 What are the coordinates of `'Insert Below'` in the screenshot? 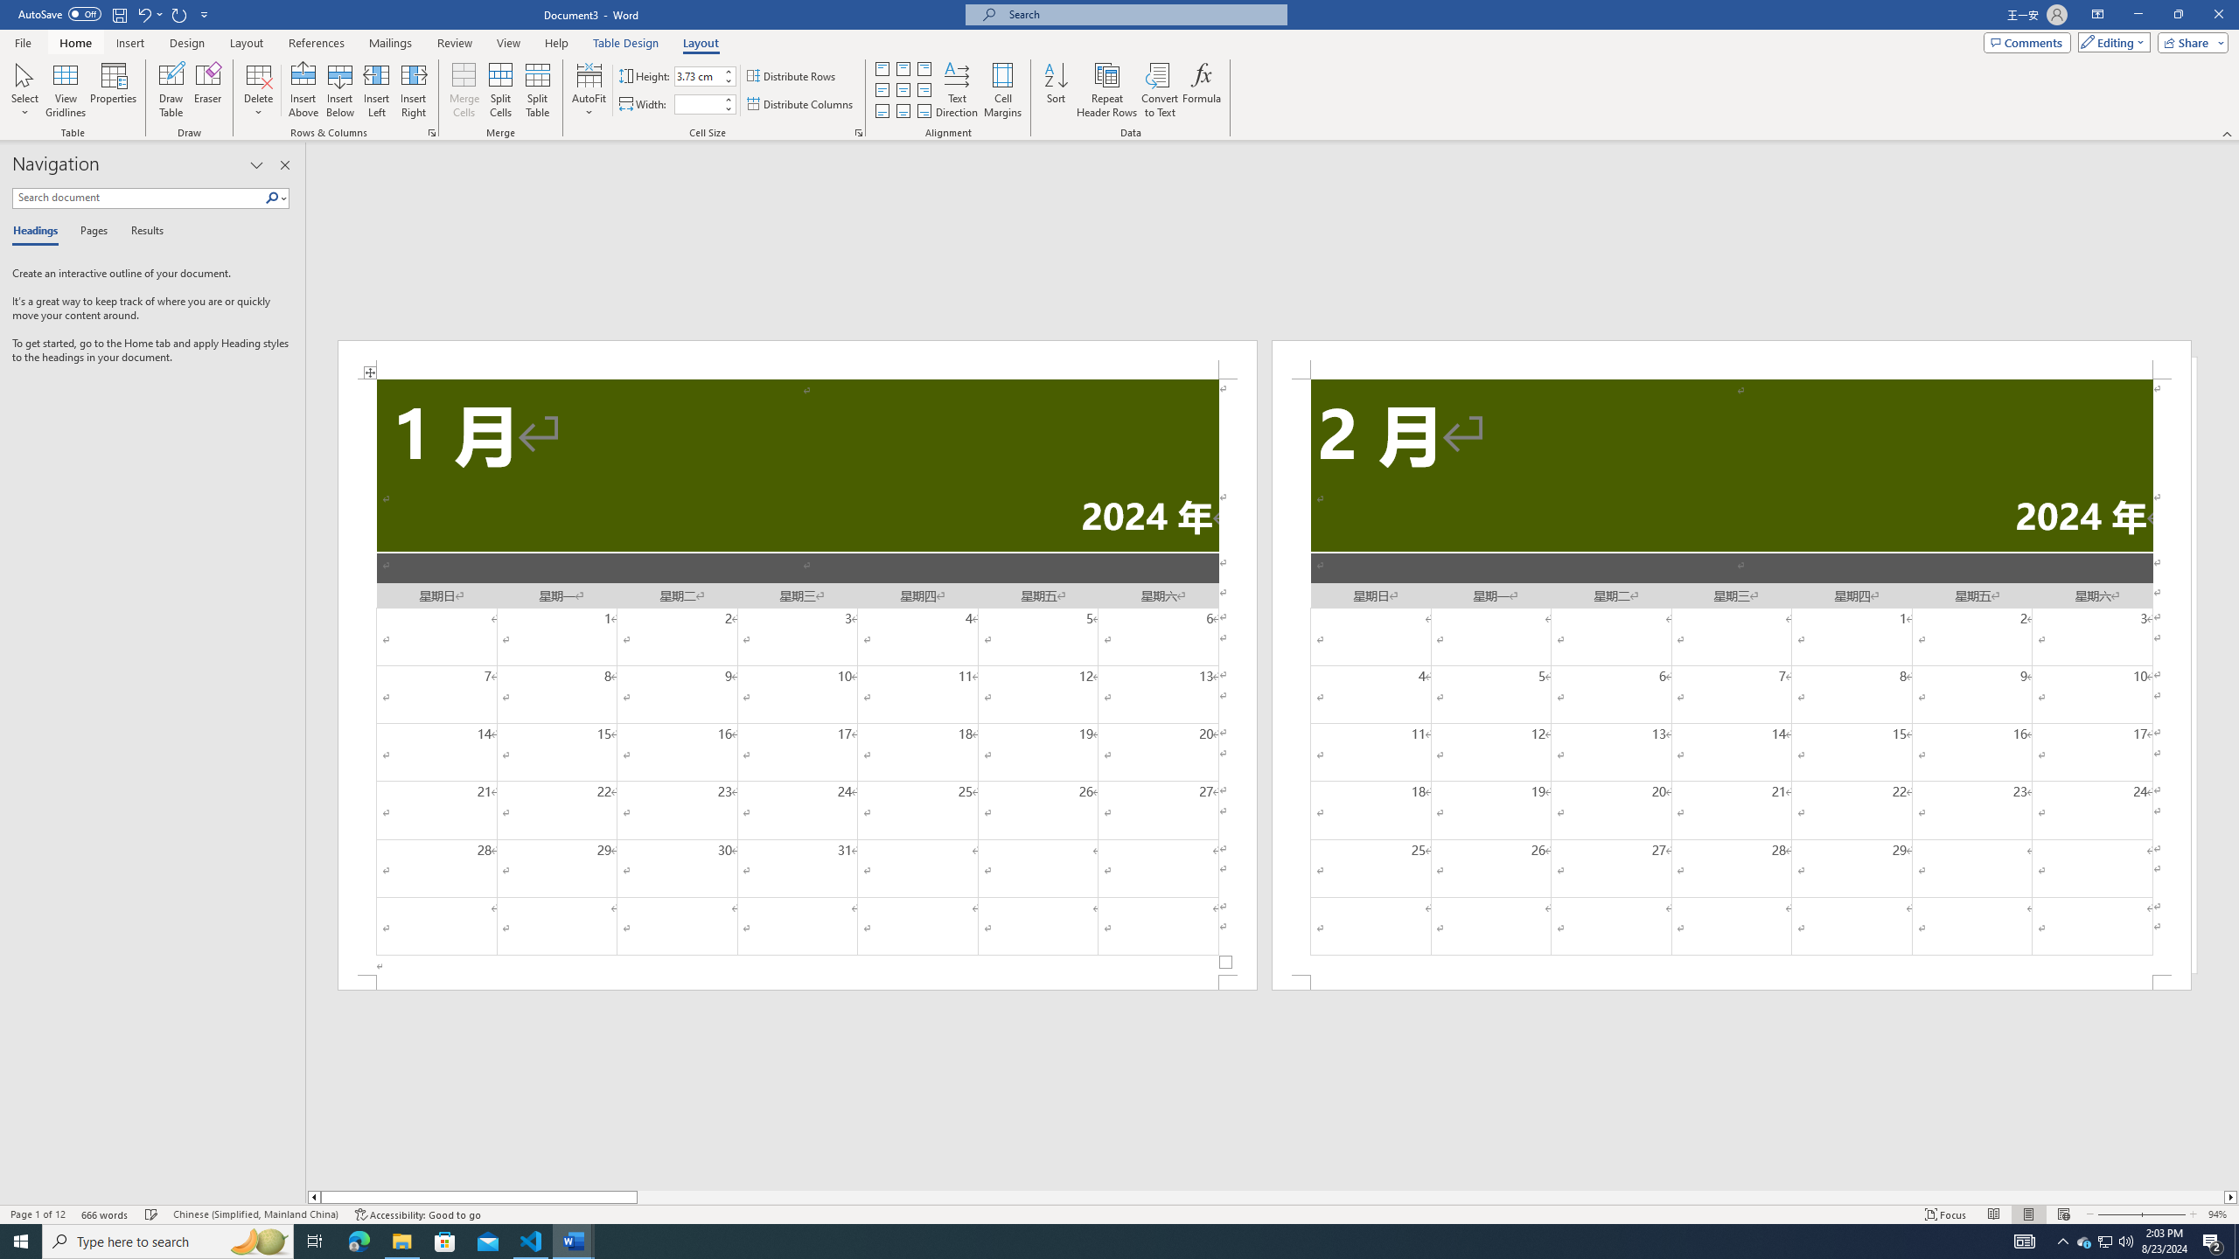 It's located at (339, 90).